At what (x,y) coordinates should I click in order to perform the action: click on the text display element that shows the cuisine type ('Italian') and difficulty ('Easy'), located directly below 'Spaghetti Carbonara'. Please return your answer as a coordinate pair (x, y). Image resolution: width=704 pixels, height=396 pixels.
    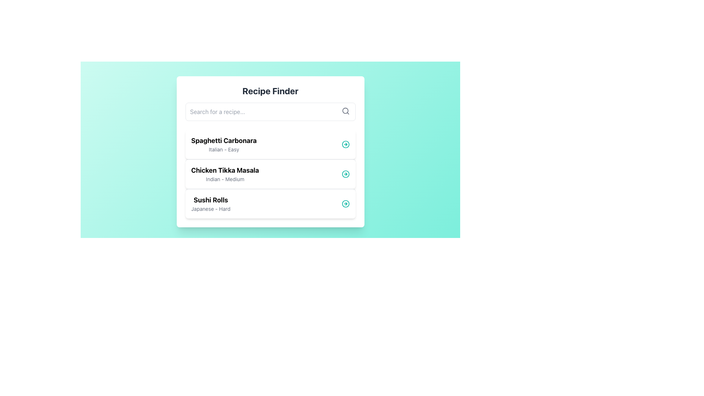
    Looking at the image, I should click on (223, 149).